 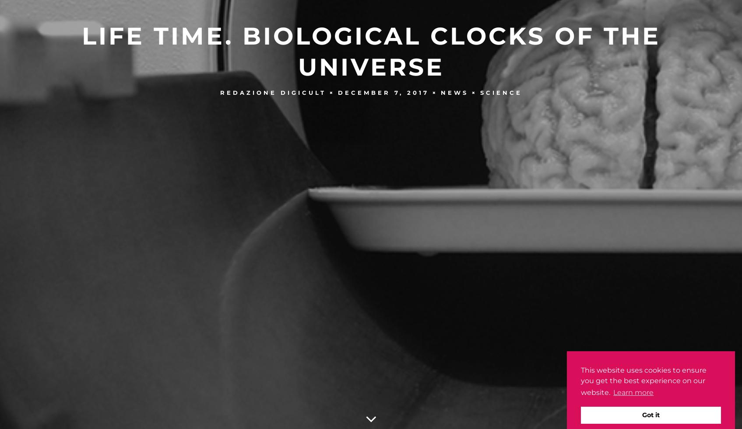 What do you see at coordinates (454, 92) in the screenshot?
I see `'News'` at bounding box center [454, 92].